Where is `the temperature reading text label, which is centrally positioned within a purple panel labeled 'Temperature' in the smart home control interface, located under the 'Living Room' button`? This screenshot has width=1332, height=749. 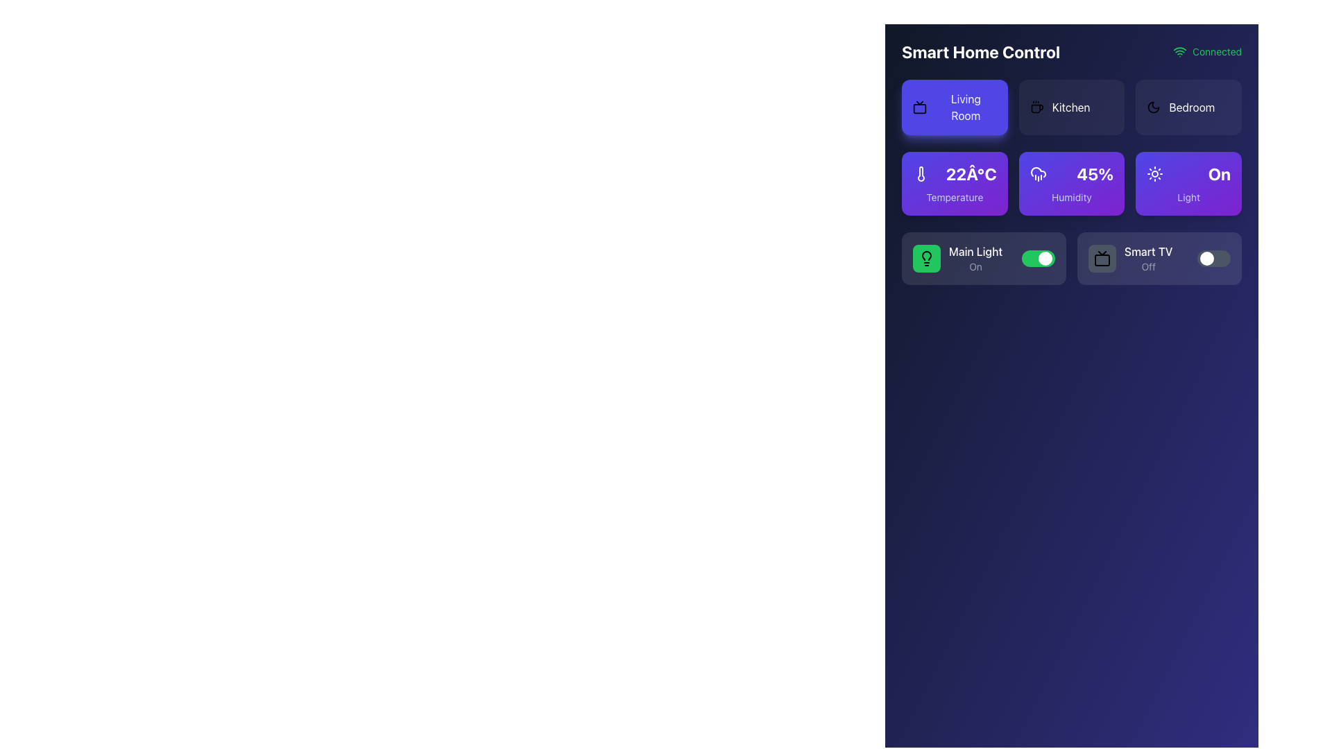 the temperature reading text label, which is centrally positioned within a purple panel labeled 'Temperature' in the smart home control interface, located under the 'Living Room' button is located at coordinates (971, 173).